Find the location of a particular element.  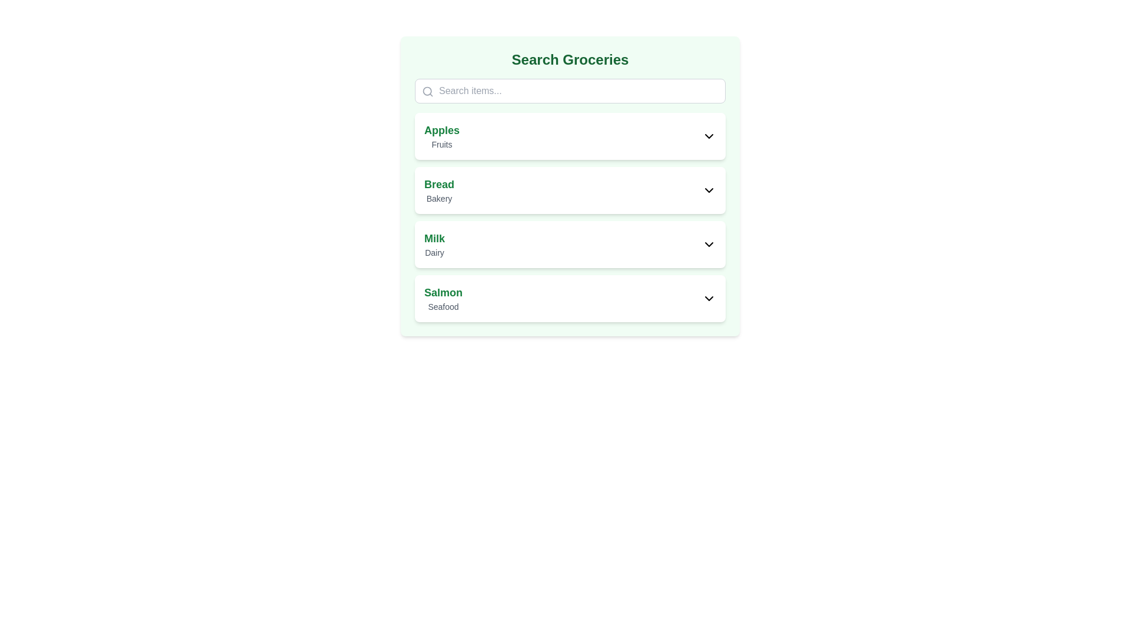

the bold green text labeled 'Bread', which is the second item in a vertical list interface and positioned above the smaller gray text 'Bakery' is located at coordinates (438, 184).